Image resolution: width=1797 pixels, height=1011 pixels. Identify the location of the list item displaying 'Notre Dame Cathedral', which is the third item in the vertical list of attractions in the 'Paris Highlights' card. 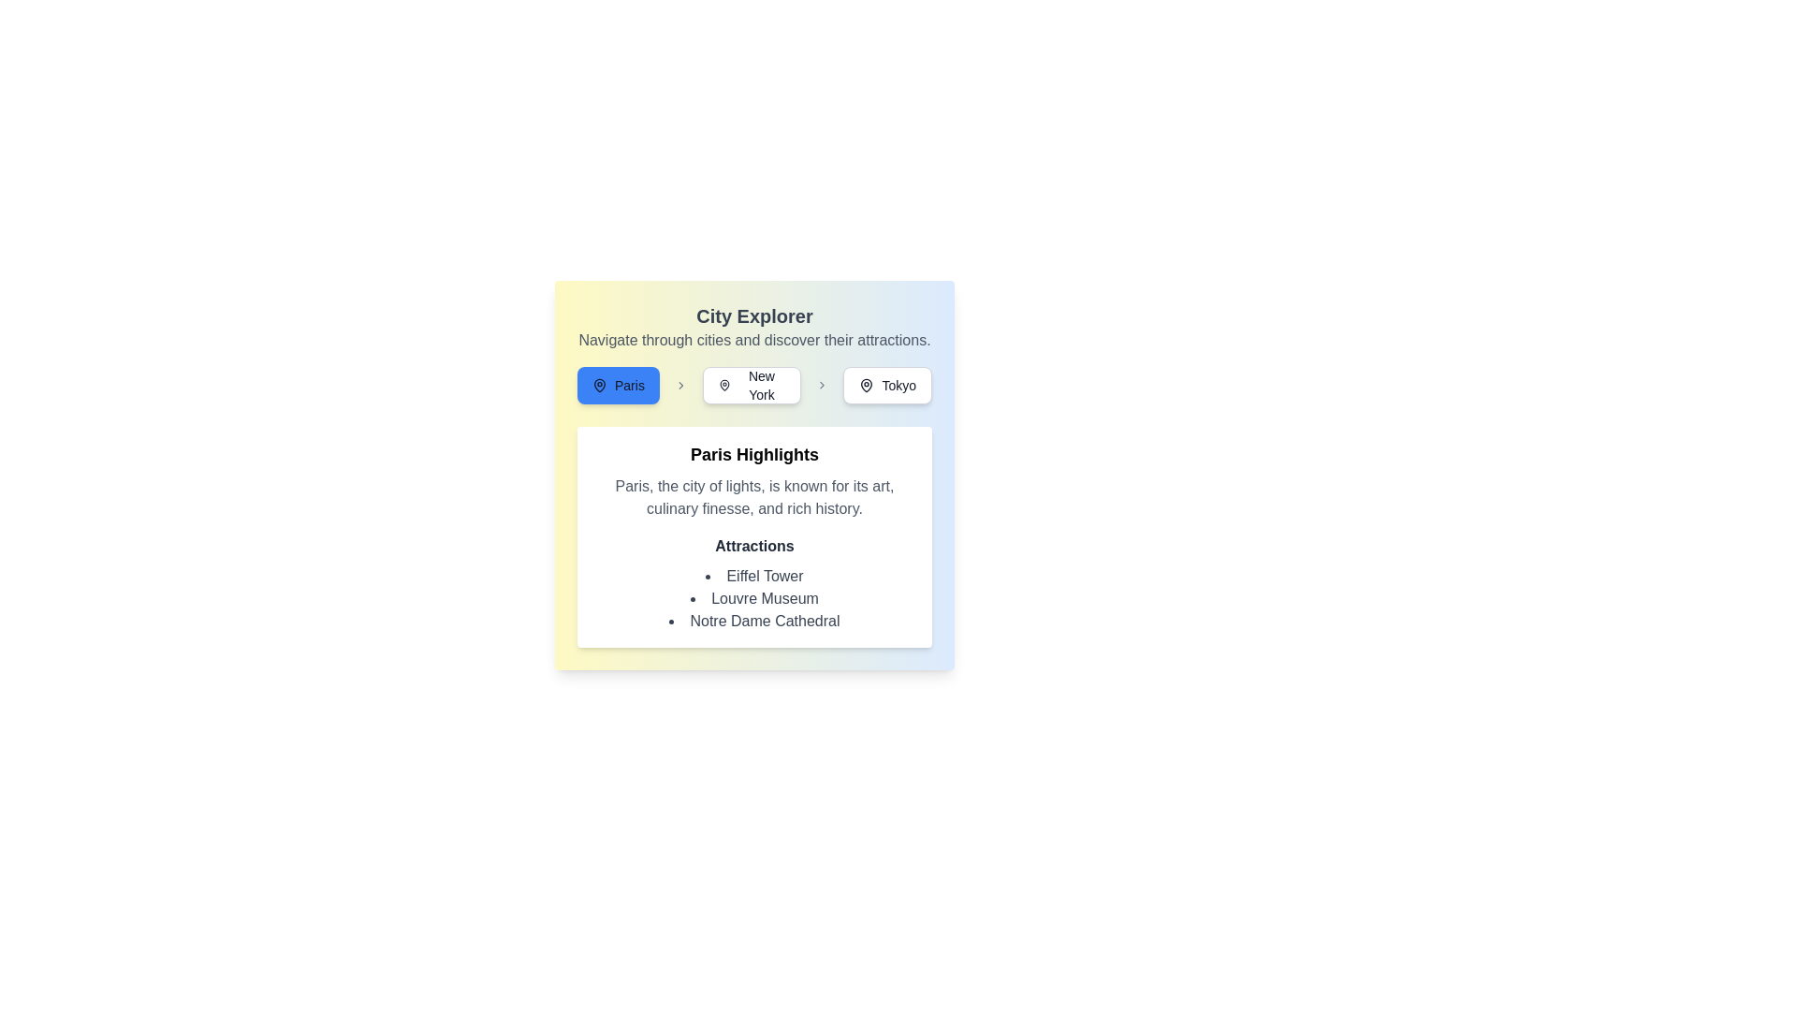
(754, 621).